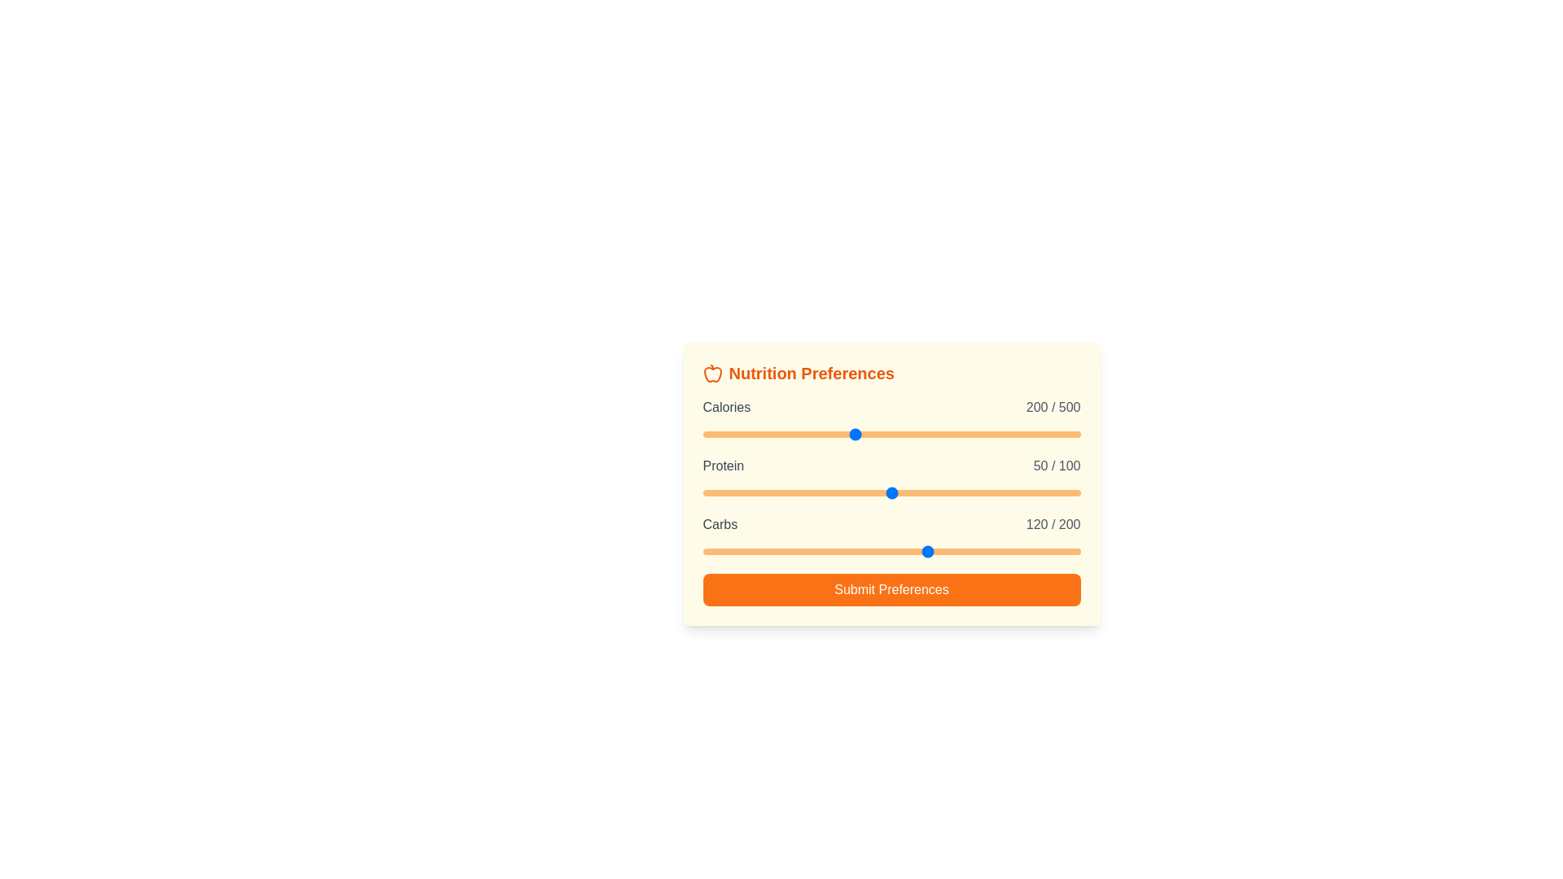 This screenshot has width=1563, height=879. Describe the element at coordinates (846, 492) in the screenshot. I see `the protein intake value` at that location.